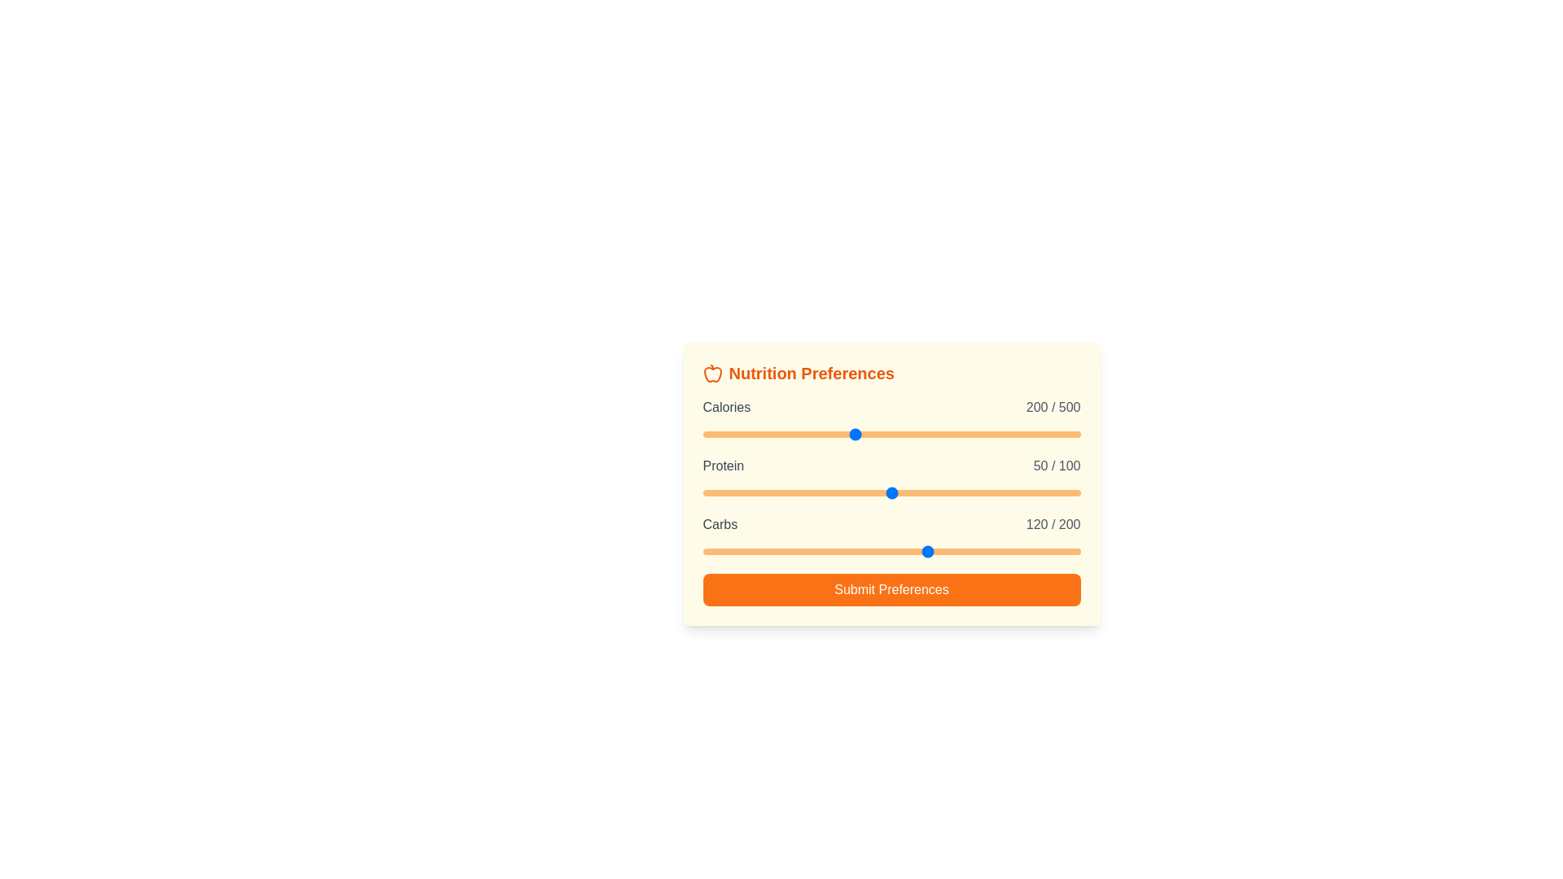 This screenshot has width=1563, height=879. Describe the element at coordinates (846, 492) in the screenshot. I see `the protein intake value` at that location.